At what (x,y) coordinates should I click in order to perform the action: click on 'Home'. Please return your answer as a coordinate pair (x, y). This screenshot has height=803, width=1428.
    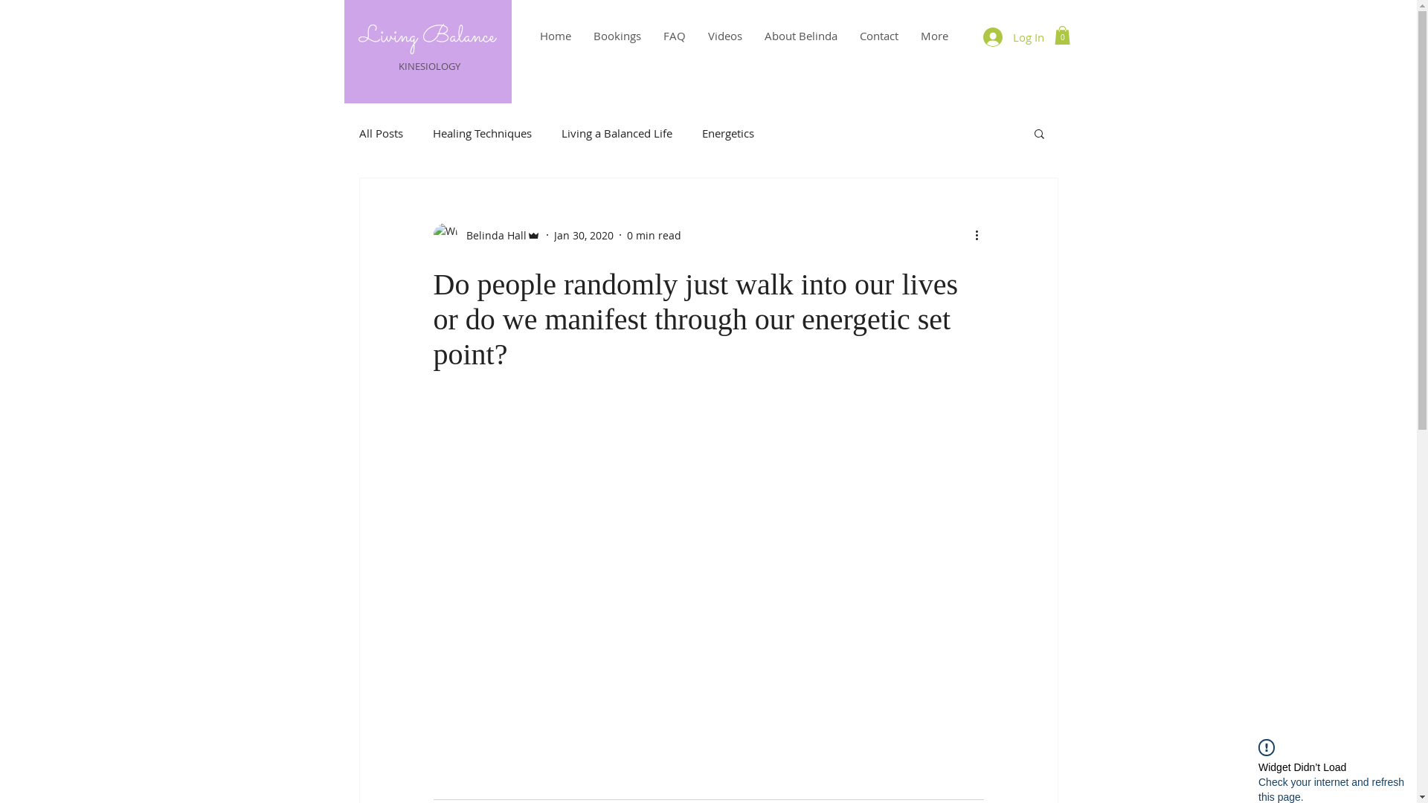
    Looking at the image, I should click on (553, 34).